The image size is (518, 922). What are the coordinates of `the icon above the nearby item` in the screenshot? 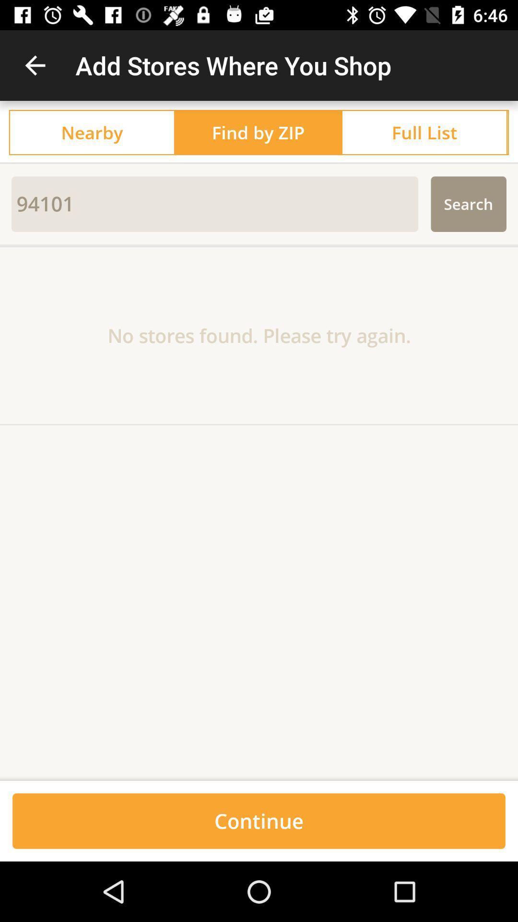 It's located at (35, 65).